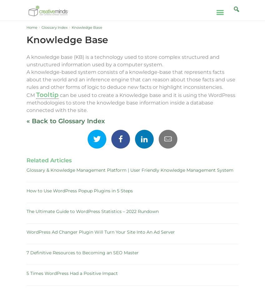 The image size is (265, 289). I want to click on 'WordPress Ad Changer Plugin Will Turn Your Site Into An Ad Server', so click(101, 232).